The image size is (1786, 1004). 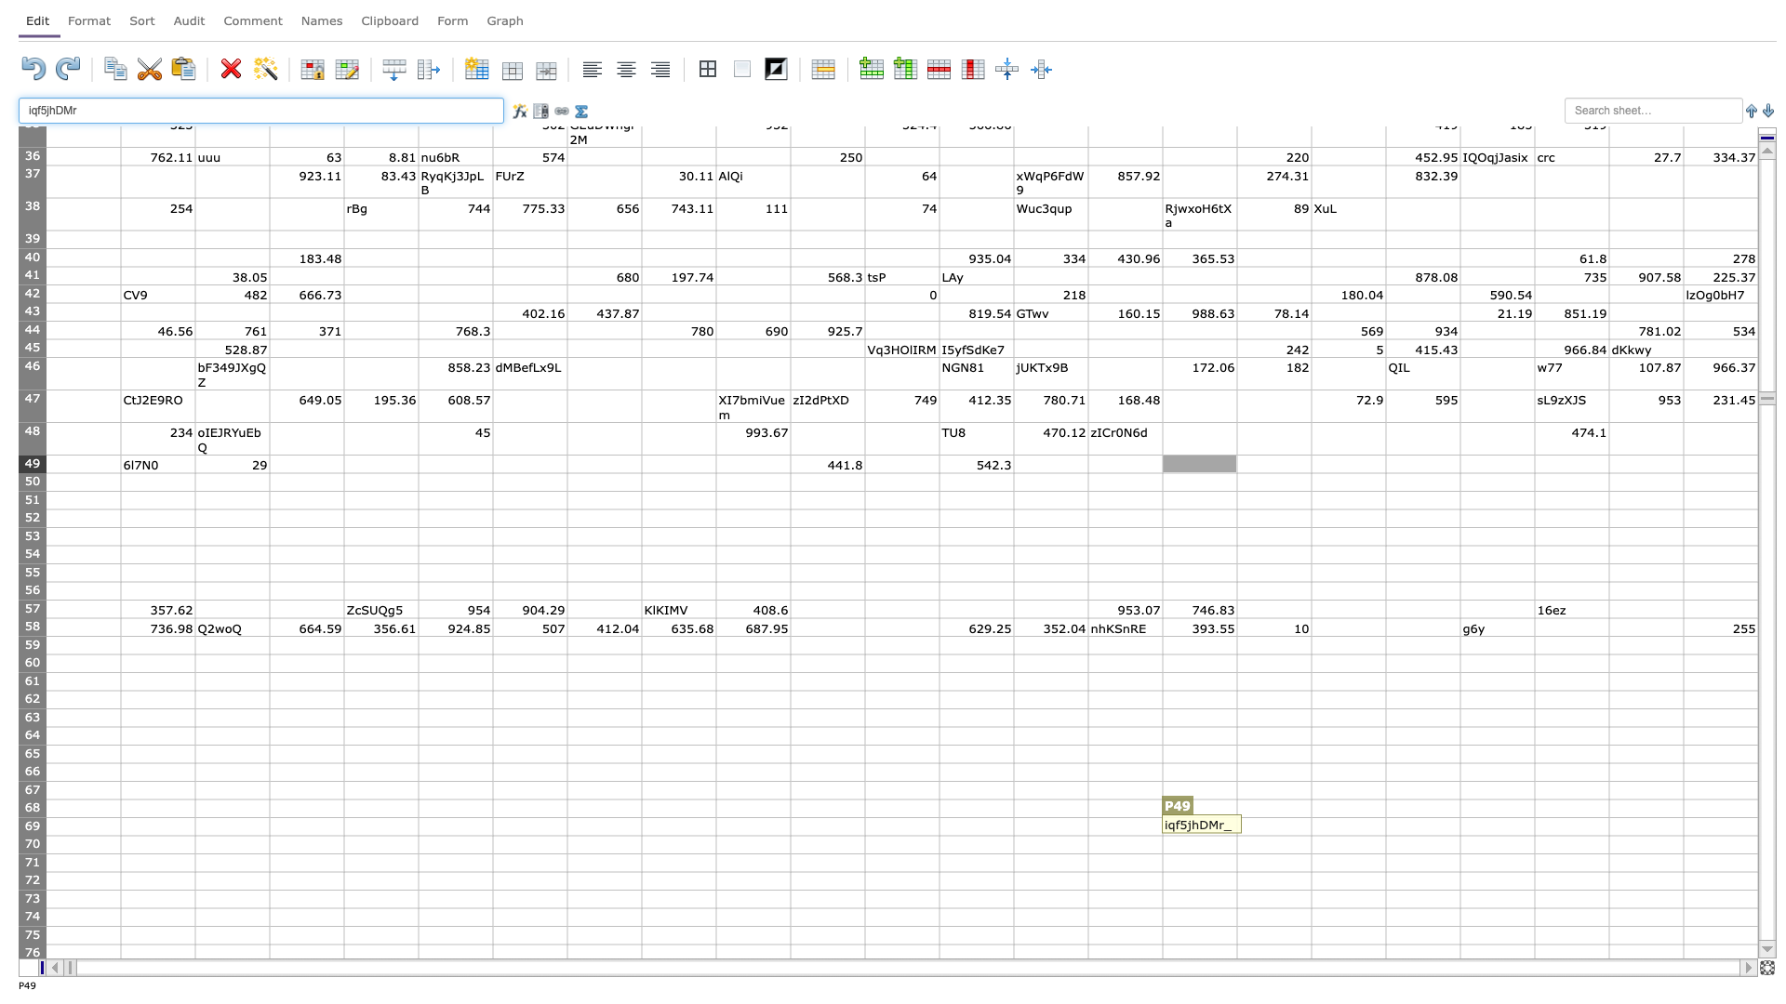 What do you see at coordinates (1311, 834) in the screenshot?
I see `Fill handle point of Q-69` at bounding box center [1311, 834].